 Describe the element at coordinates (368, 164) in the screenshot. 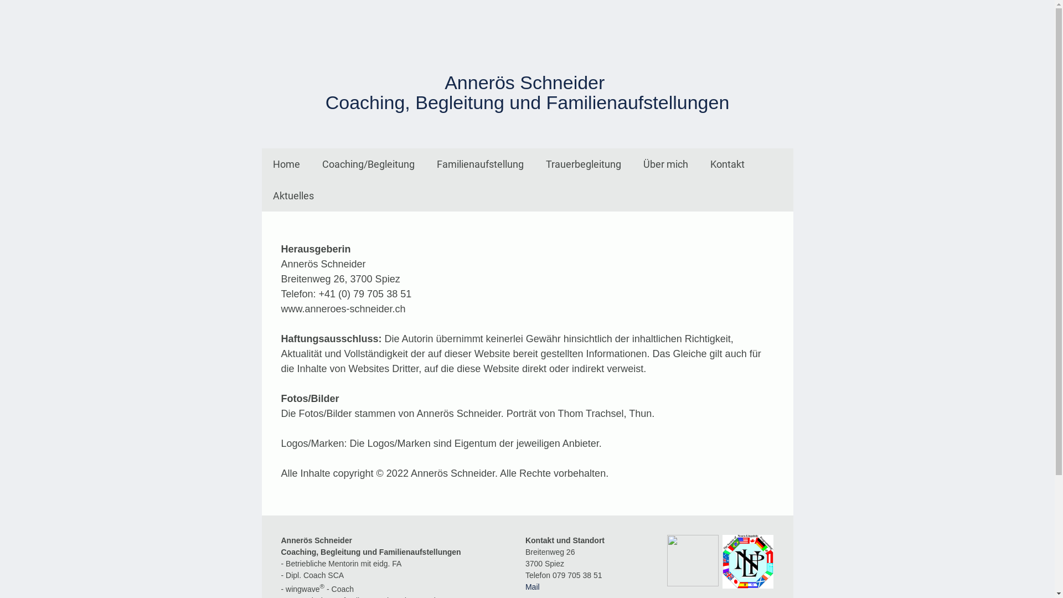

I see `'Coaching/Begleitung'` at that location.